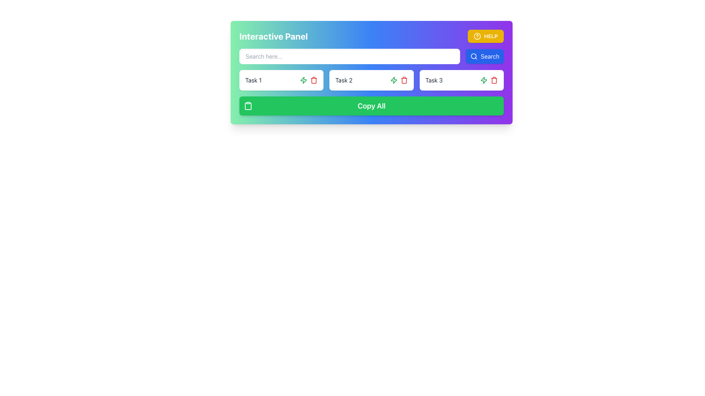 This screenshot has height=396, width=705. What do you see at coordinates (393, 80) in the screenshot?
I see `the lightning bolt icon, which is green and located to the right of the 'Task 1' label` at bounding box center [393, 80].